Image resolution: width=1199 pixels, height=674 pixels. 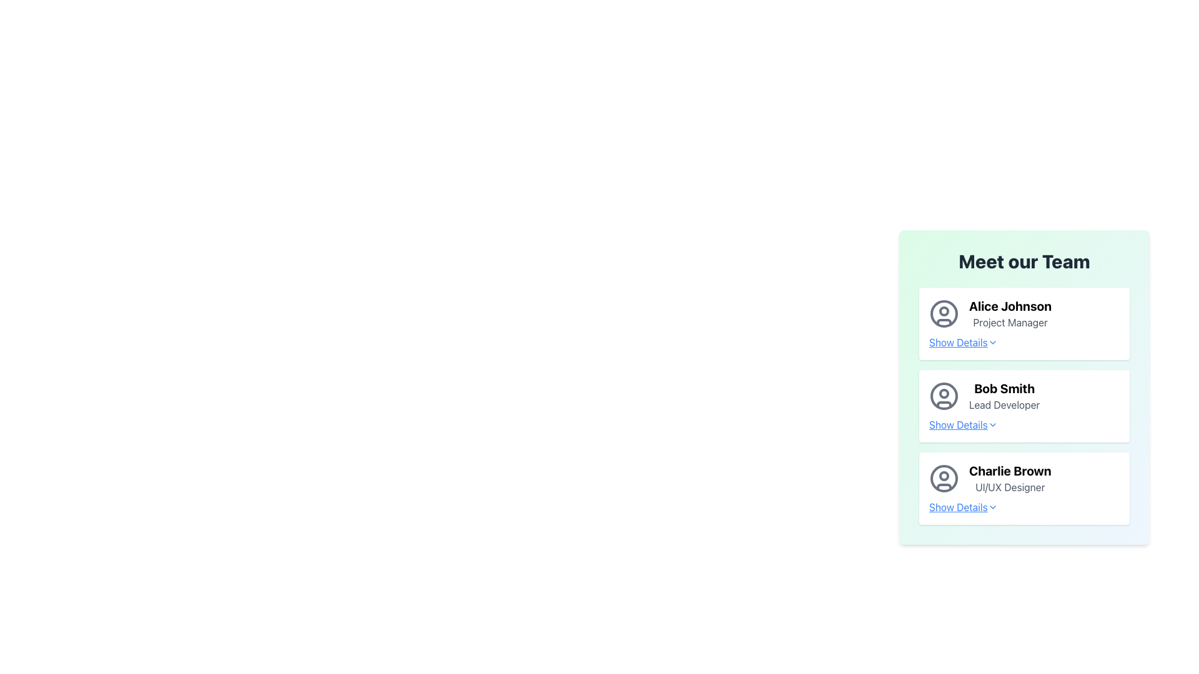 I want to click on the team member label located in the third card under 'Meet our Team', positioned right of the user avatar and above the 'Show Details' link, so click(x=1010, y=478).